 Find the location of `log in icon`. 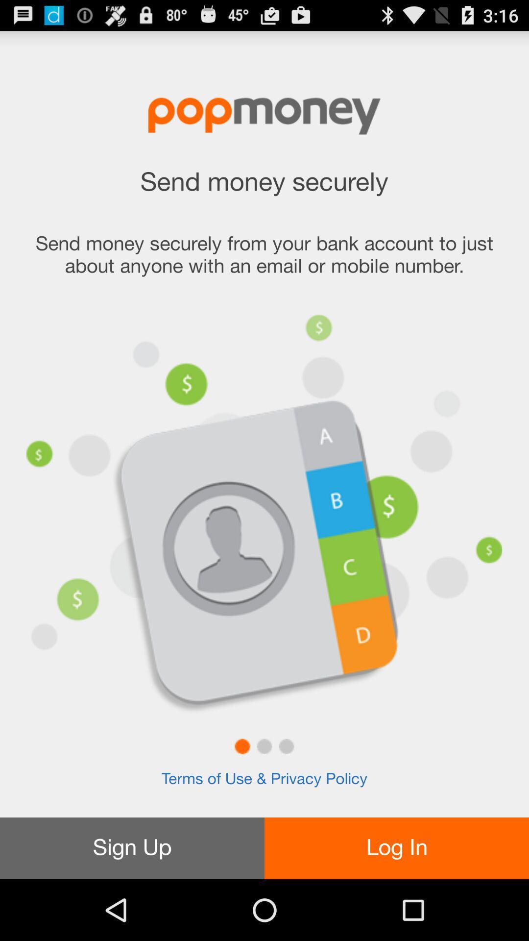

log in icon is located at coordinates (397, 848).